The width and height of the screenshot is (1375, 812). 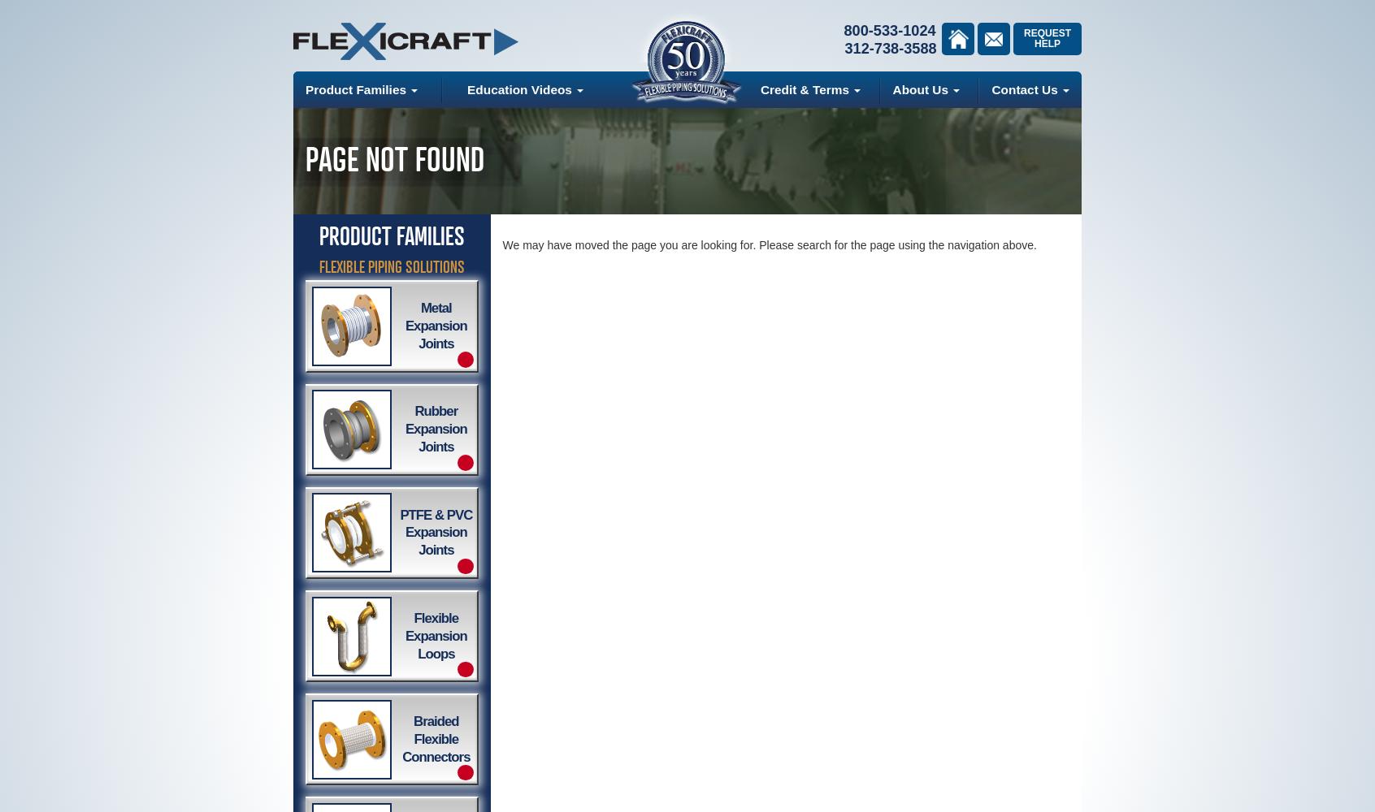 What do you see at coordinates (1045, 38) in the screenshot?
I see `'Request Help'` at bounding box center [1045, 38].